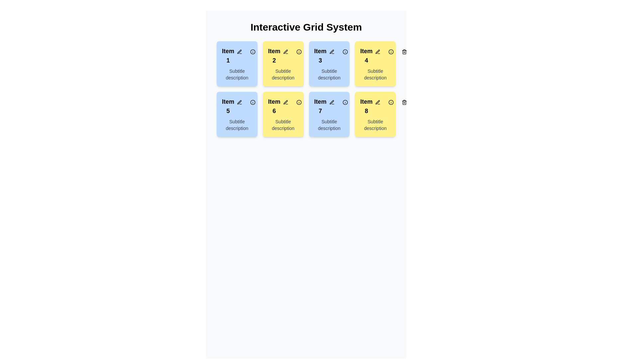 The height and width of the screenshot is (359, 638). Describe the element at coordinates (283, 74) in the screenshot. I see `the text label displaying 'Subtitle description' in a gray font, located at the bottom section of the card labeled 'Item 2', aligned centrally within the card` at that location.